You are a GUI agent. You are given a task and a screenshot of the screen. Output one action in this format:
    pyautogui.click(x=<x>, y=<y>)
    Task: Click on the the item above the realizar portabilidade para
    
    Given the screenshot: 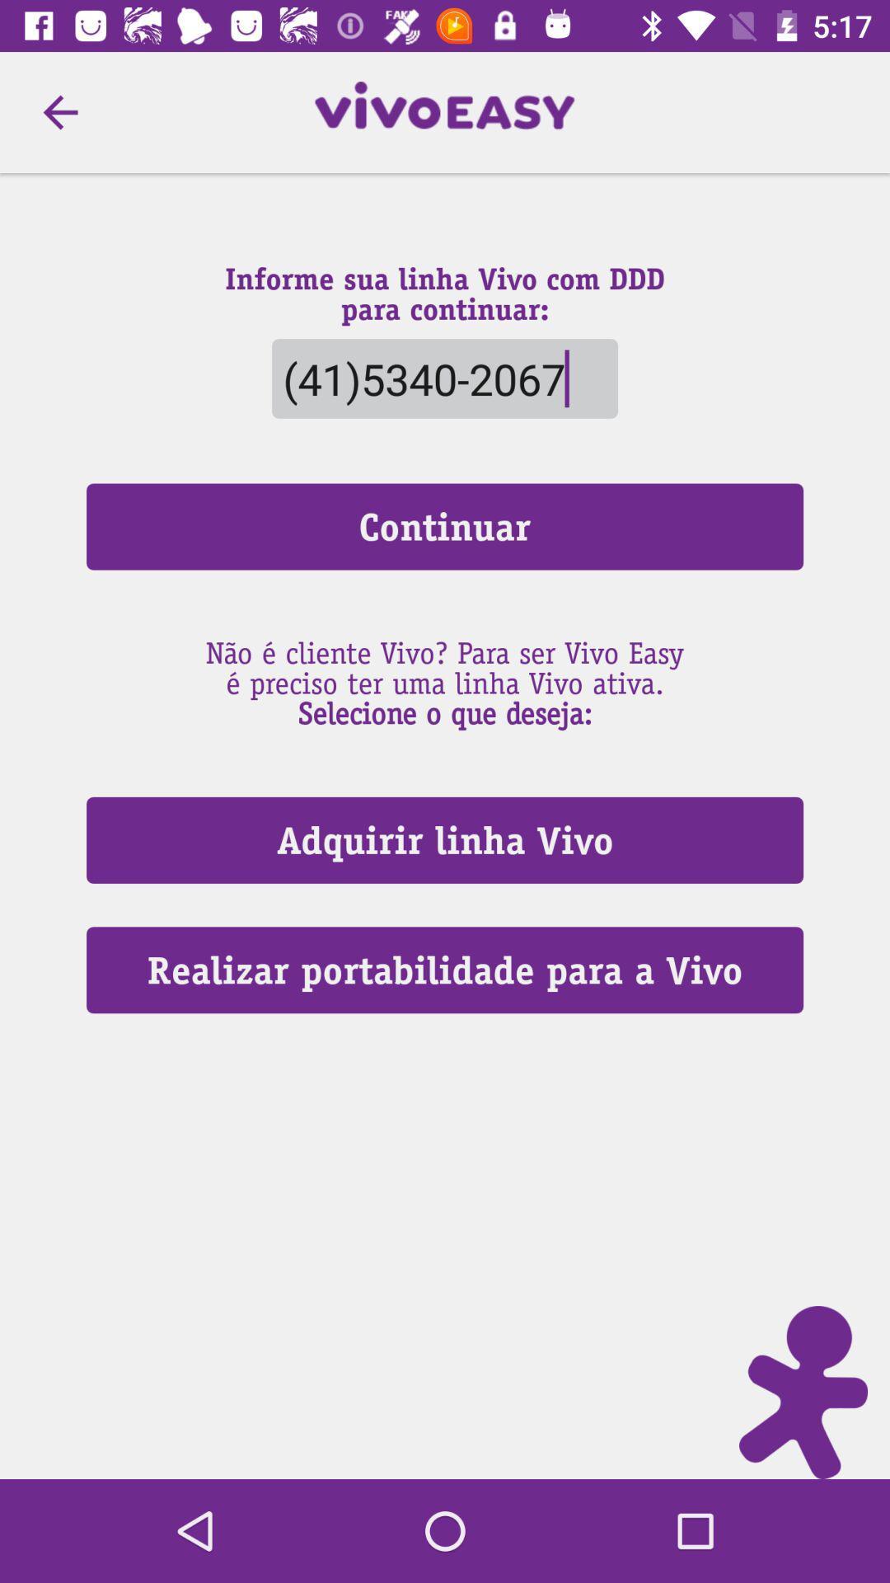 What is the action you would take?
    pyautogui.click(x=445, y=840)
    